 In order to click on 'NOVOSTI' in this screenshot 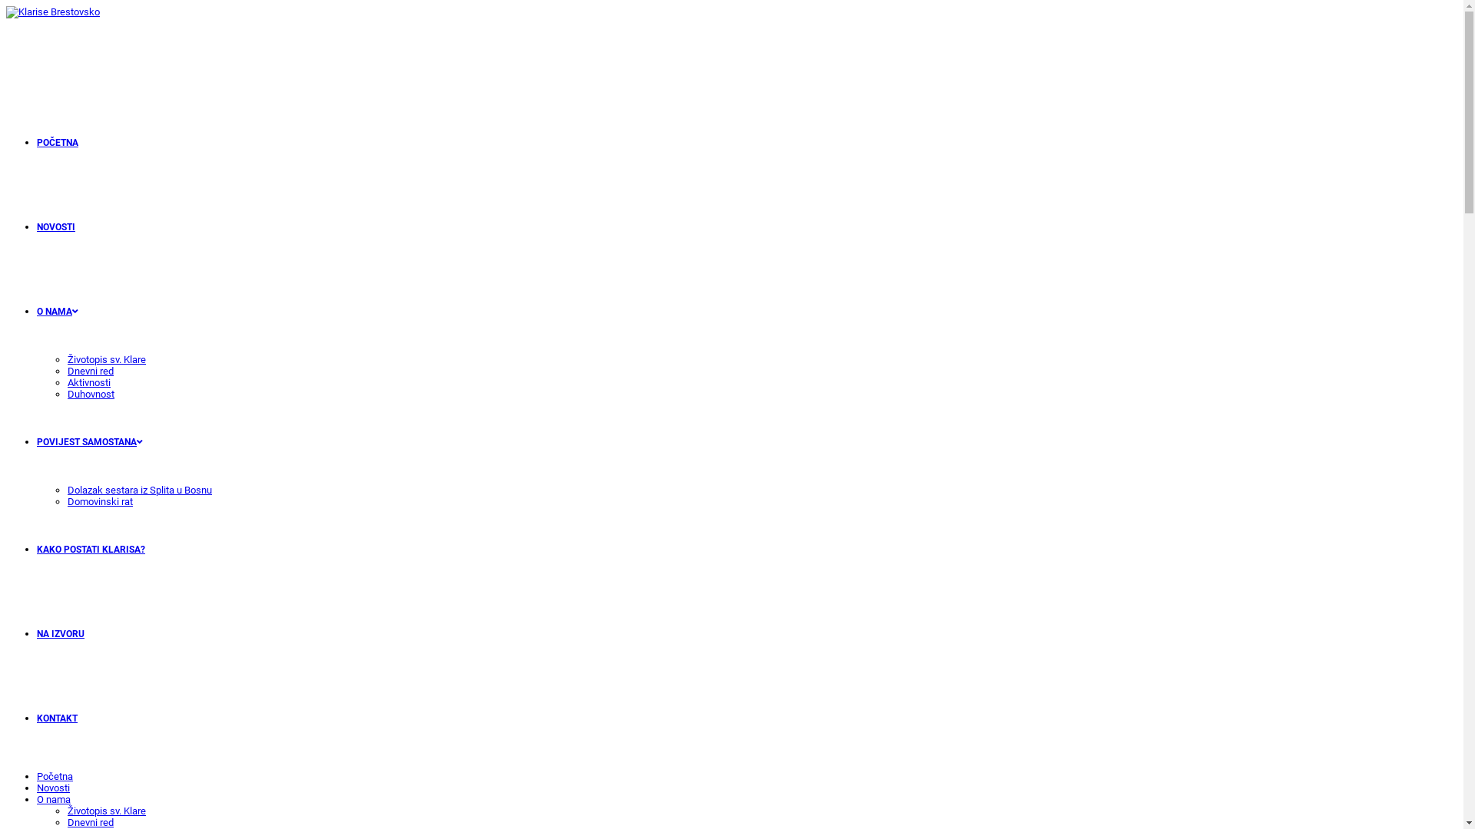, I will do `click(37, 227)`.